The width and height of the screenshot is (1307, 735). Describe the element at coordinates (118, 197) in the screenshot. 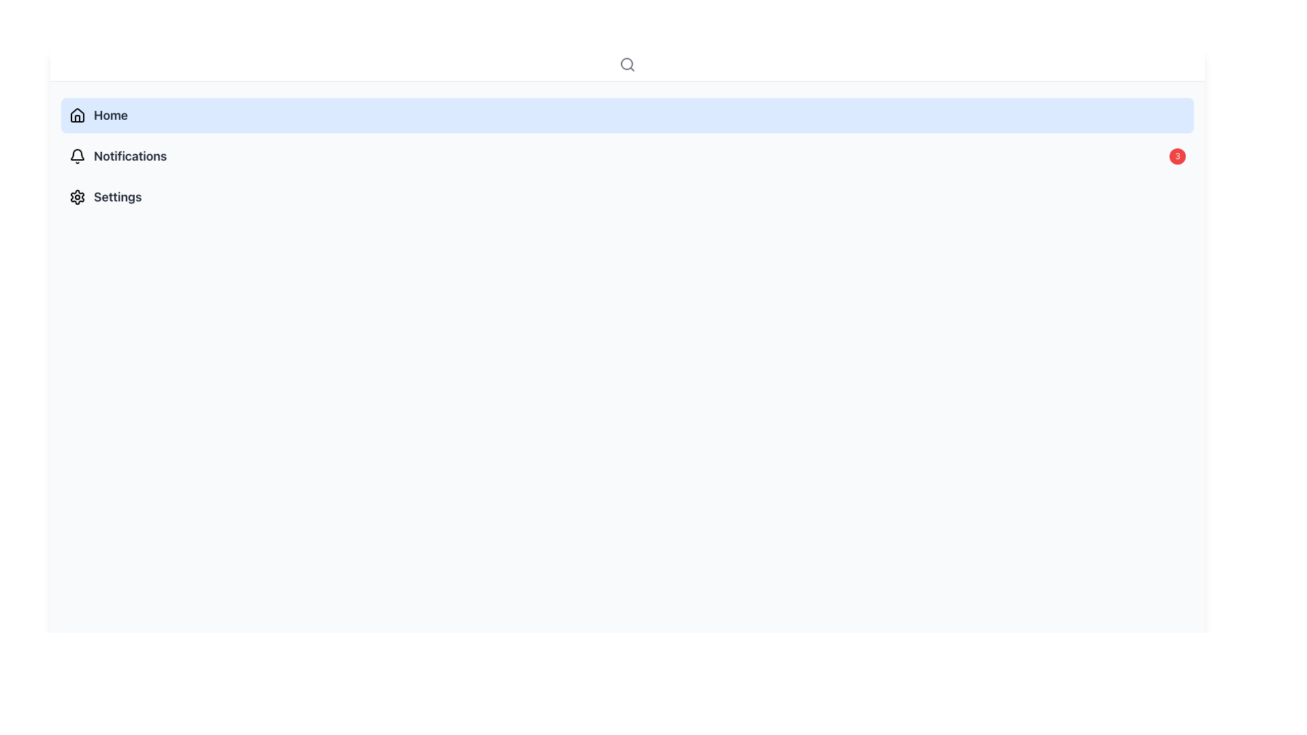

I see `the text label for the application settings menu entry` at that location.